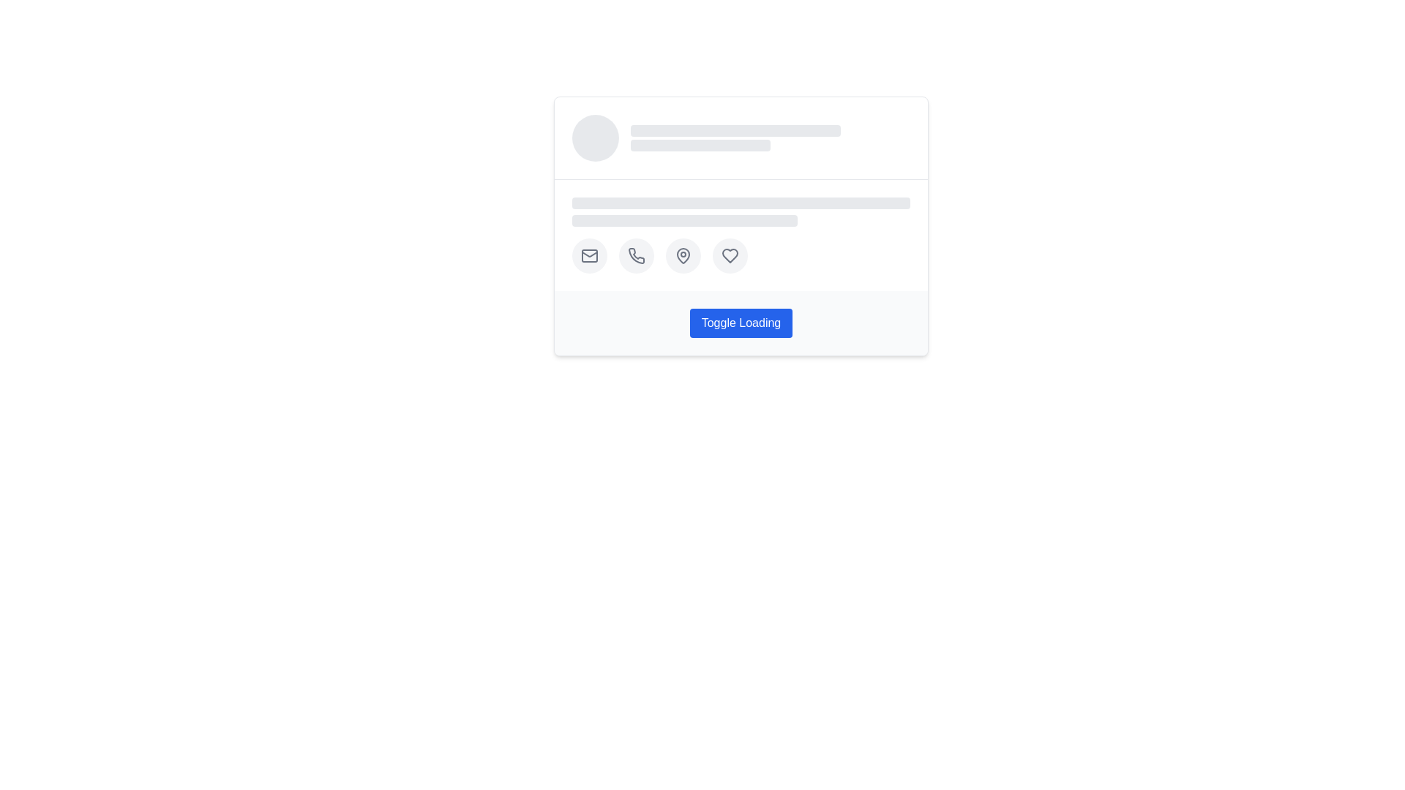 Image resolution: width=1405 pixels, height=790 pixels. I want to click on the phone receiver icon, which is the second icon from the left in a row of icons beneath the profile header, so click(636, 254).